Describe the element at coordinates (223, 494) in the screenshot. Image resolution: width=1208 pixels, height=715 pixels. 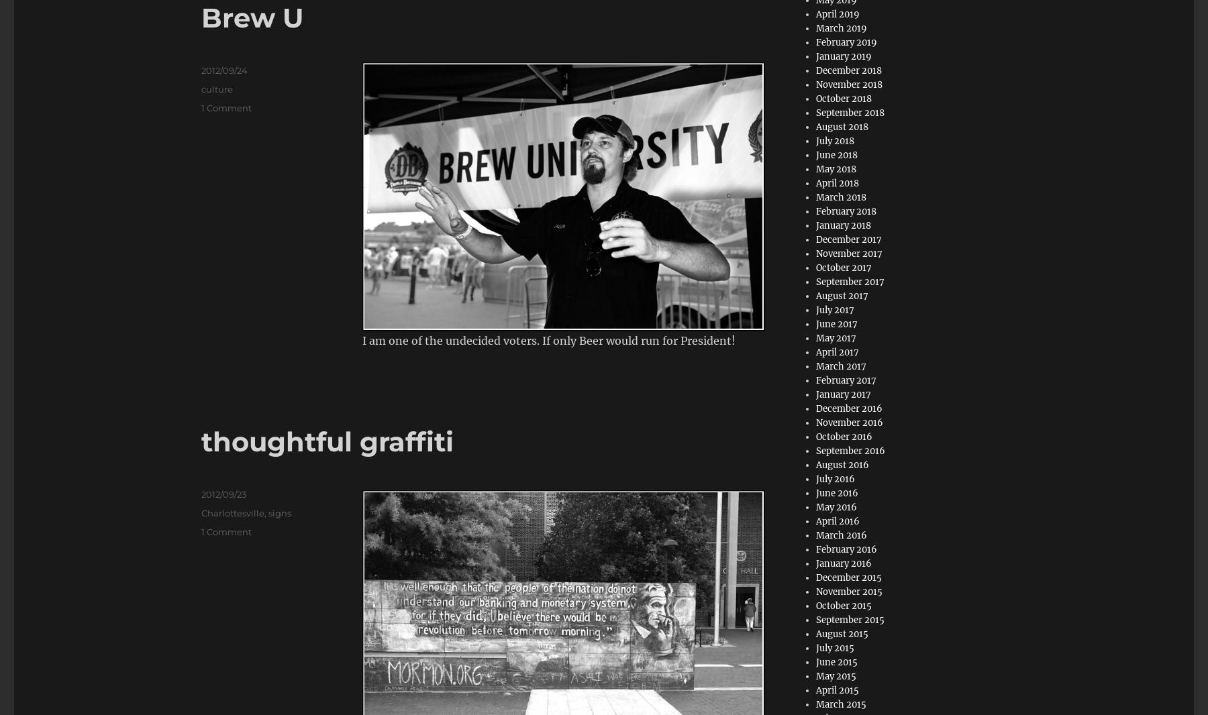
I see `'2012/09/23'` at that location.